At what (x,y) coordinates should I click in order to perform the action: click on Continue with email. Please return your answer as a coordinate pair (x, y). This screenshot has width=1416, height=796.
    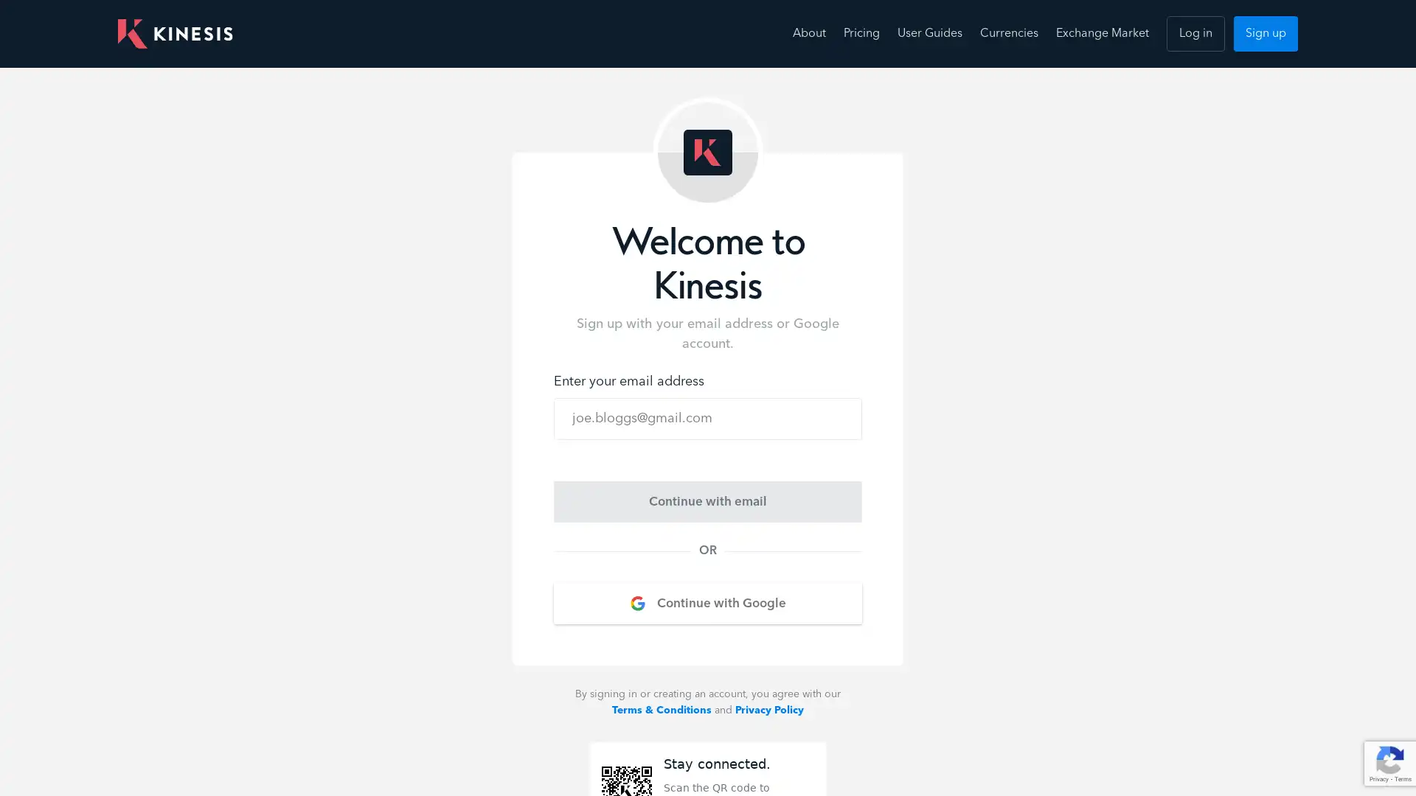
    Looking at the image, I should click on (708, 501).